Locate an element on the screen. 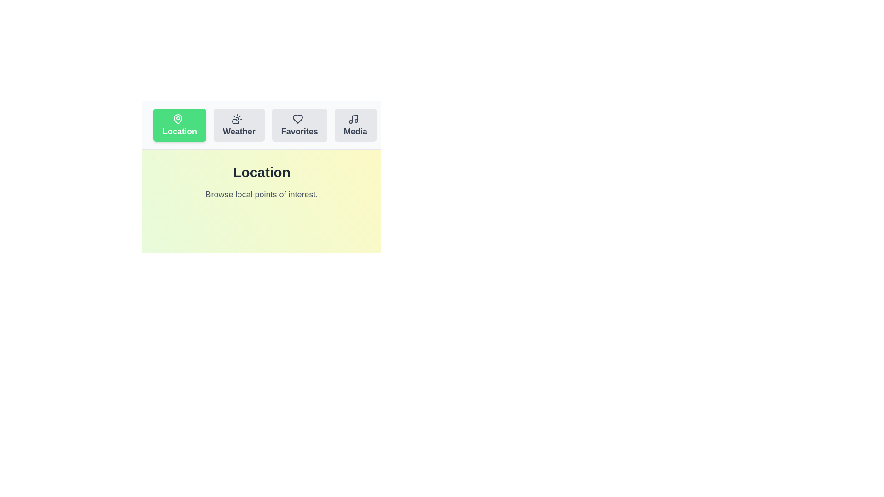 The height and width of the screenshot is (497, 884). the tab labeled Favorites is located at coordinates (299, 125).